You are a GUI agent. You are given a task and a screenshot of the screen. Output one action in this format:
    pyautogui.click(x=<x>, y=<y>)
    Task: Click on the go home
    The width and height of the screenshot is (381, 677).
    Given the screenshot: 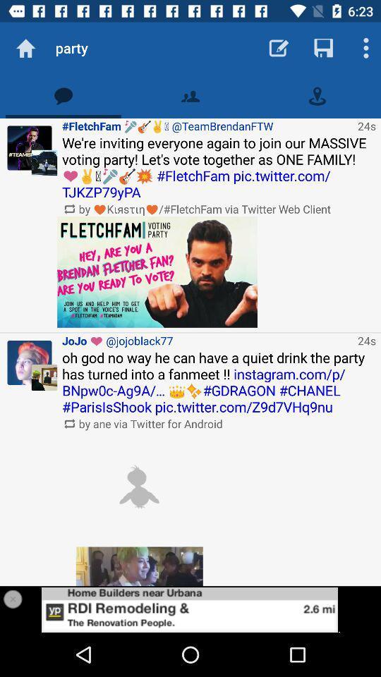 What is the action you would take?
    pyautogui.click(x=25, y=48)
    